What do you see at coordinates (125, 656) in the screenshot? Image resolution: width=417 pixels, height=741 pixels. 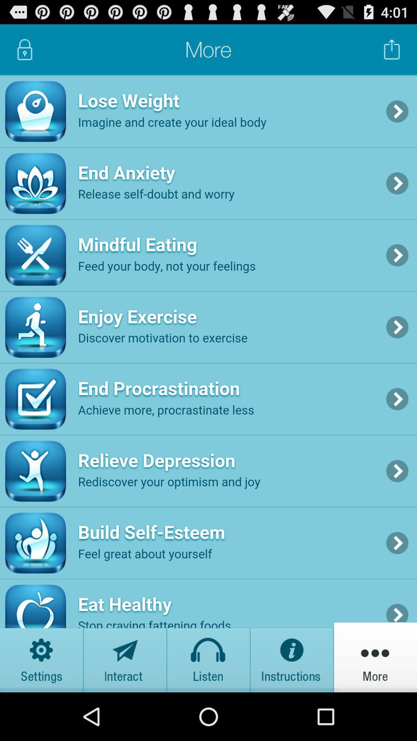 I see `interact` at bounding box center [125, 656].